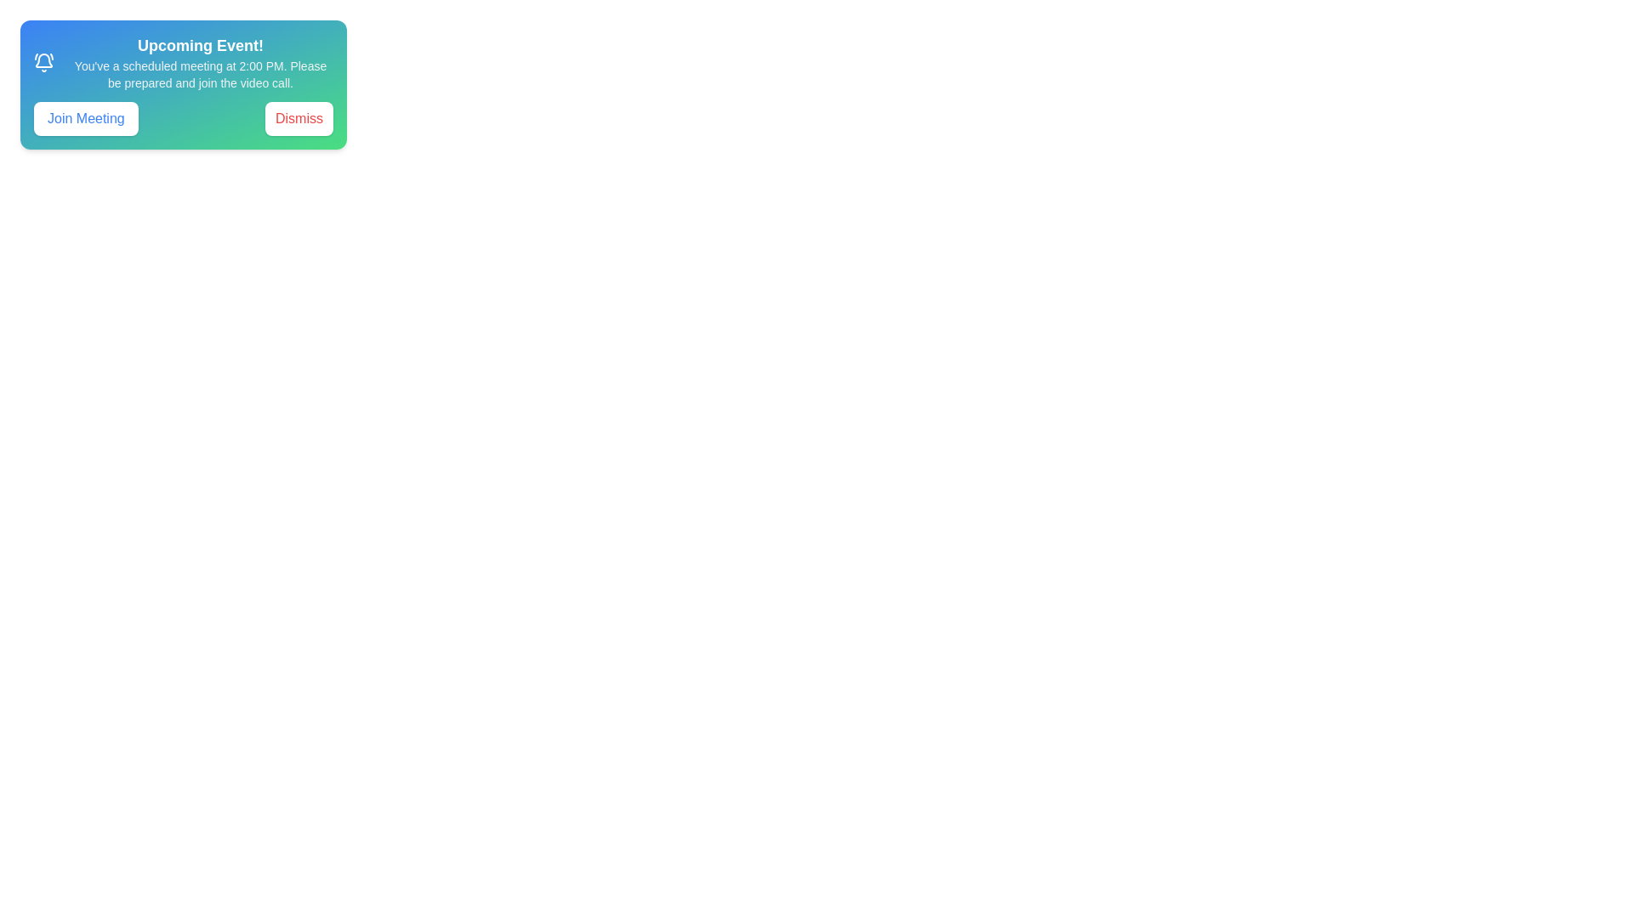  Describe the element at coordinates (44, 61) in the screenshot. I see `the bell icon to inspect it` at that location.